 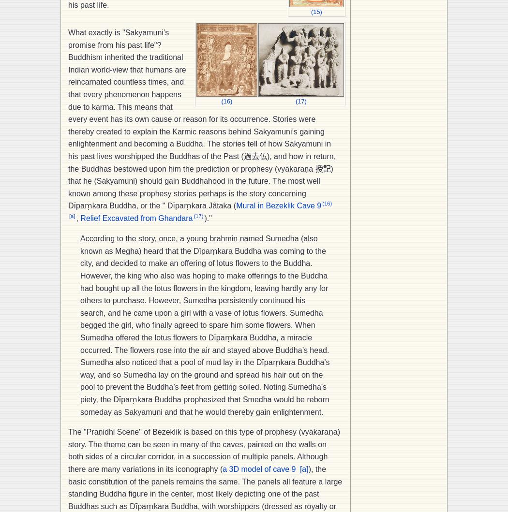 What do you see at coordinates (68, 119) in the screenshot?
I see `'What exactly is "Sakyamuni’s promise from his past life"? Buddhism inherited the traditional Indian world-view that humans are reincarnated countless times, and that every phenomenon happens due to karma. This means that every event has its own cause or reason for its occurrence. Stories were thereby created to explain the Karmic reasons behind Sakyamuni’s gaining enlightenment and becoming a Buddha. The stories tell of how Sakyamuni in his past lives worshipped the Buddhas of the Past (過去仏), and how in return, the Buddhas bestowed upon him the prediction or prophesy (vyākaraņa 授記) that he (Sakyamuni) should gain Buddhahood in the future. The most well known among these prophesy stories perhaps is the story concerning Dīpaṃkara Buddha, or the " Dīpaṃkara Jâtaka ('` at bounding box center [68, 119].